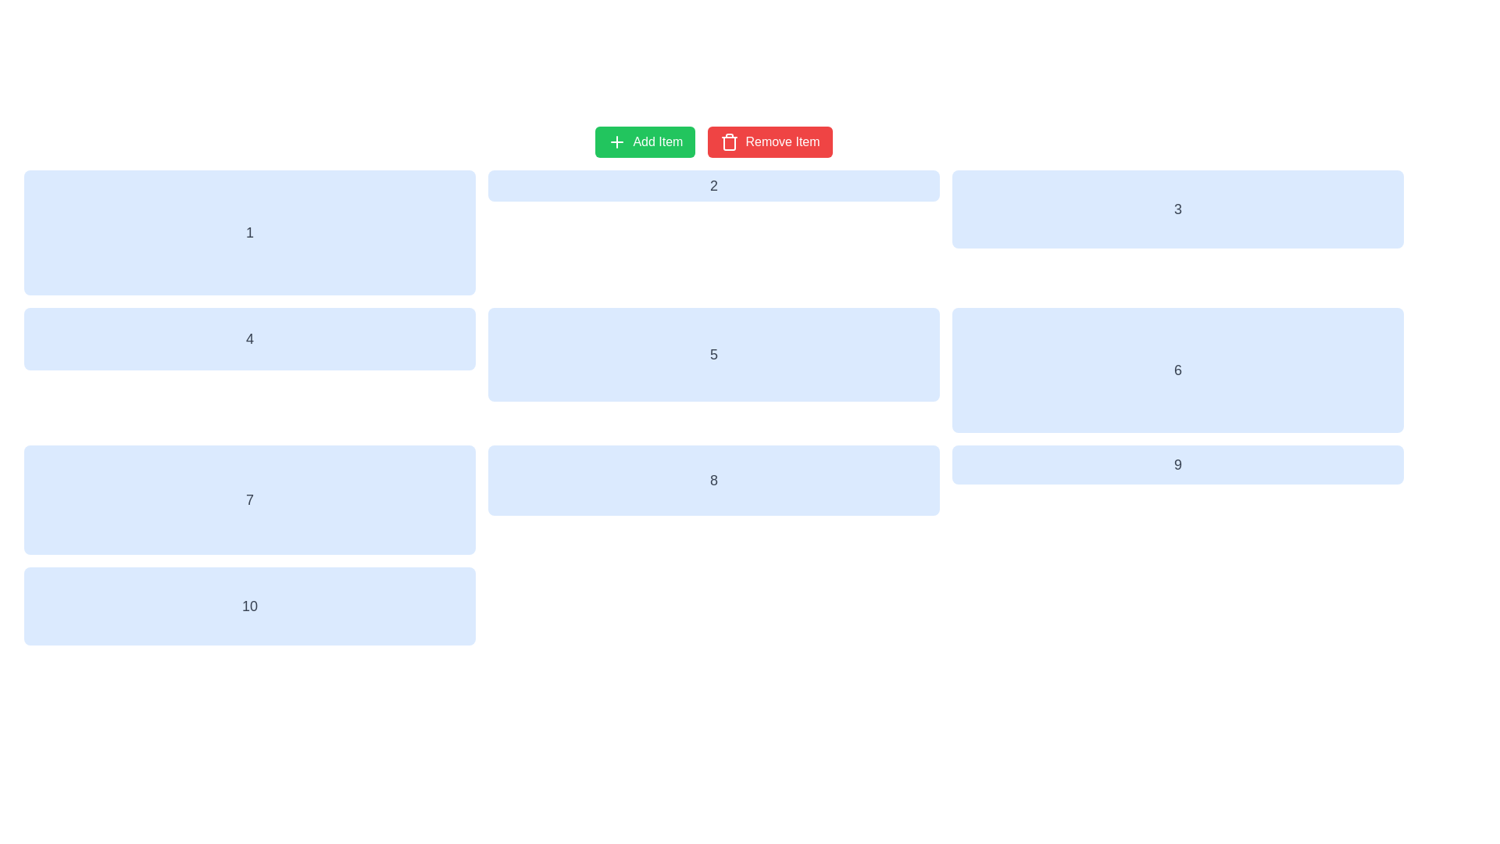  I want to click on the rectangular, blue-colored Display box containing the number '8' in centered, gray text, located in the middle row of the grid, towards the right, so click(712, 479).